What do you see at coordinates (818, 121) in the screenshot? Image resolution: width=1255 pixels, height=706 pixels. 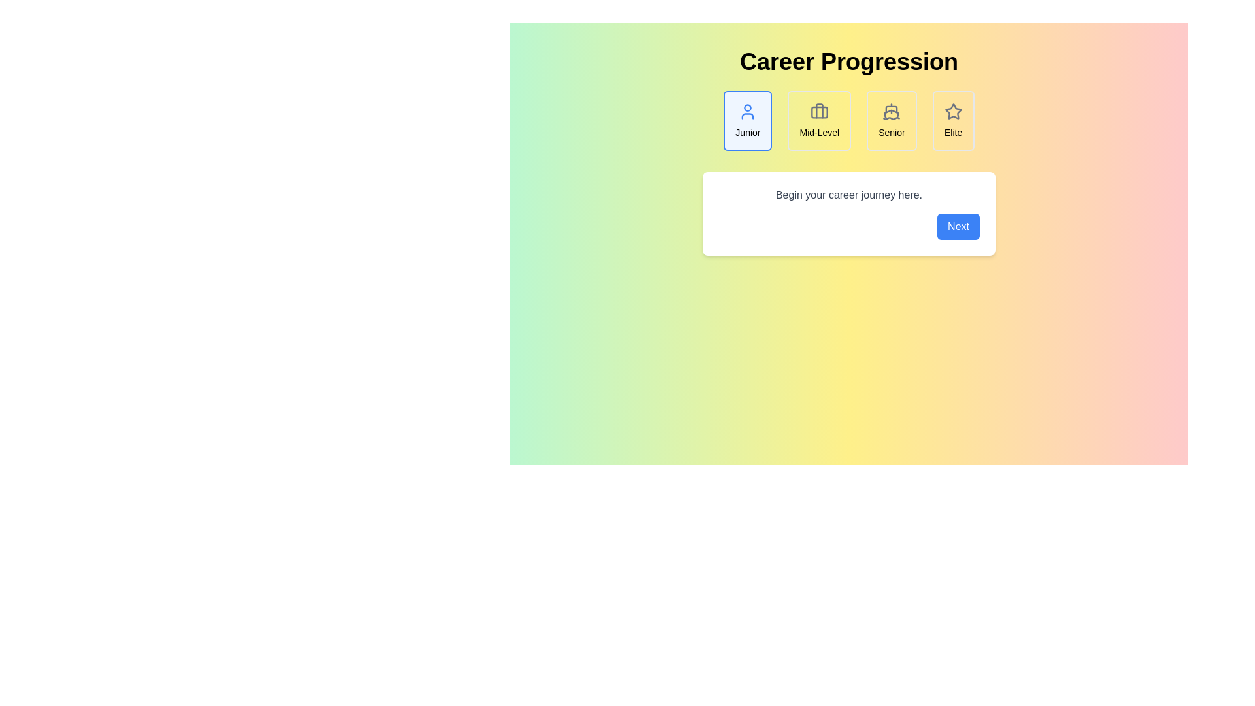 I see `the career step icon corresponding to Mid-Level to trigger interaction feedback` at bounding box center [818, 121].